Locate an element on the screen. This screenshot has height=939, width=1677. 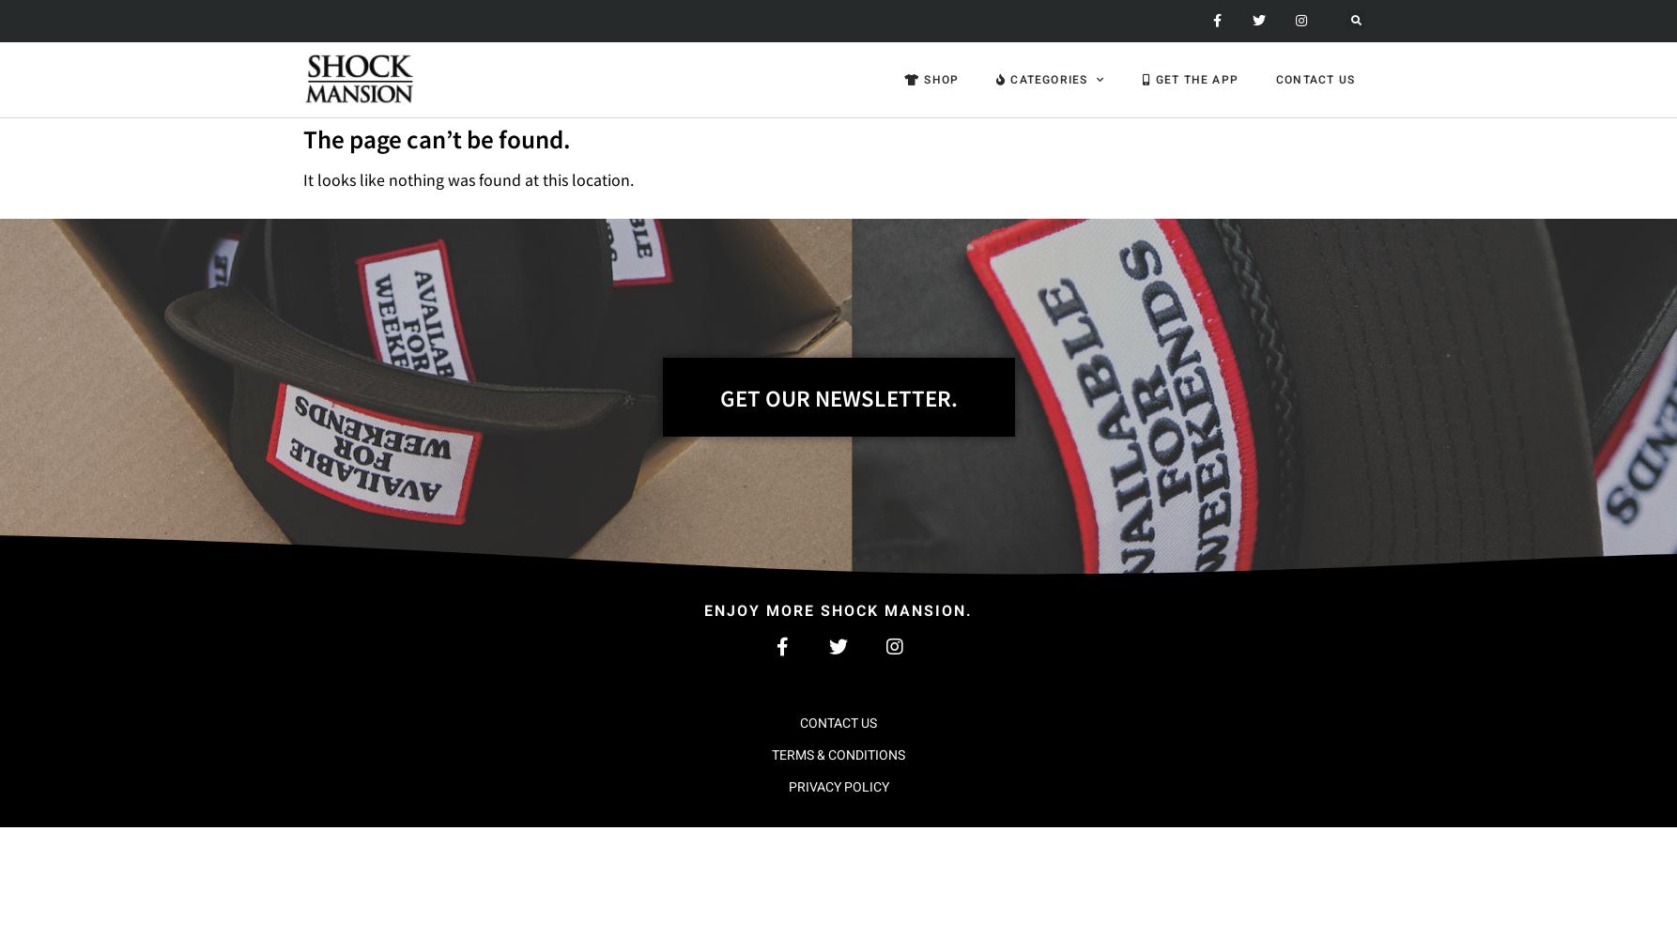
'Terms & Conditions' is located at coordinates (838, 754).